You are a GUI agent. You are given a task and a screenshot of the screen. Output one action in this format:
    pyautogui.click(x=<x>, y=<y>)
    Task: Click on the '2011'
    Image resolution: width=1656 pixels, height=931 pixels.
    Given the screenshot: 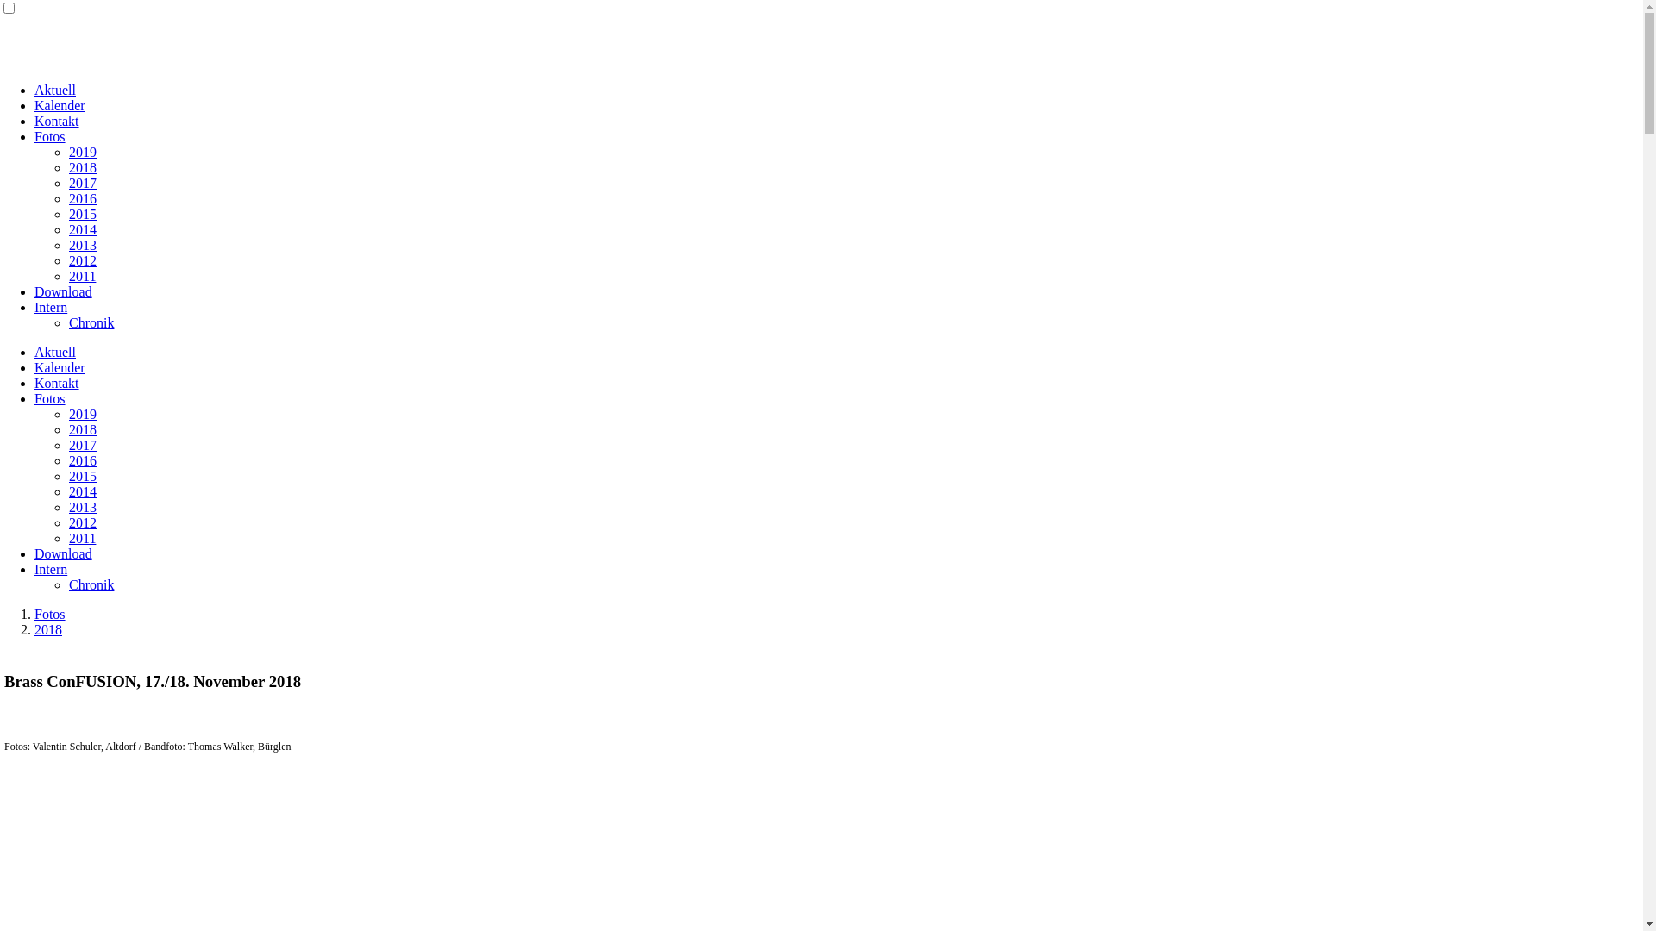 What is the action you would take?
    pyautogui.click(x=69, y=275)
    